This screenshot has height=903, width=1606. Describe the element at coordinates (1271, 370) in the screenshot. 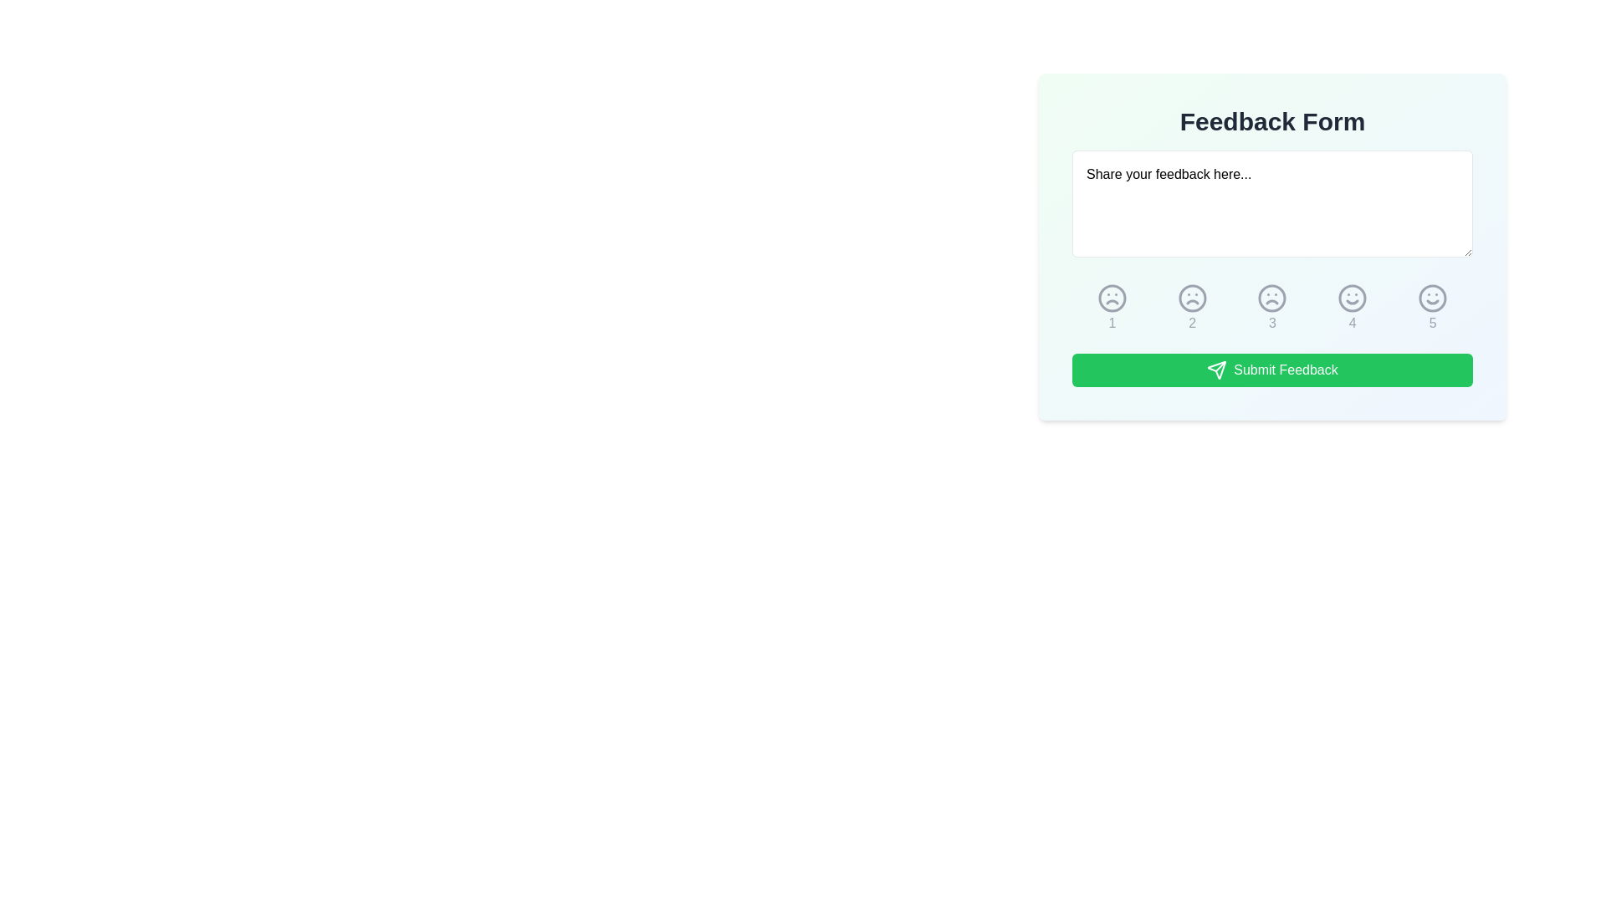

I see `the rectangular 'Submit Feedback' button with a green background and white text` at that location.